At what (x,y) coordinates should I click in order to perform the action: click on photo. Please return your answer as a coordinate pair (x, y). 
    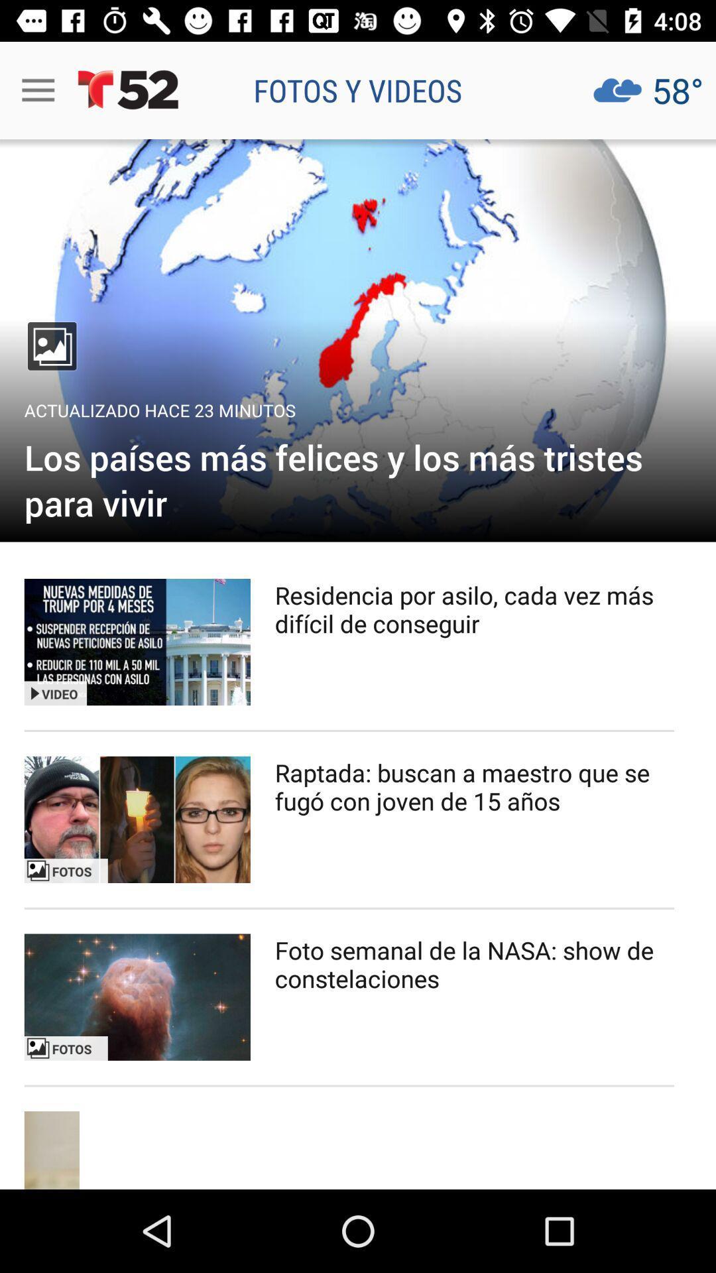
    Looking at the image, I should click on (137, 997).